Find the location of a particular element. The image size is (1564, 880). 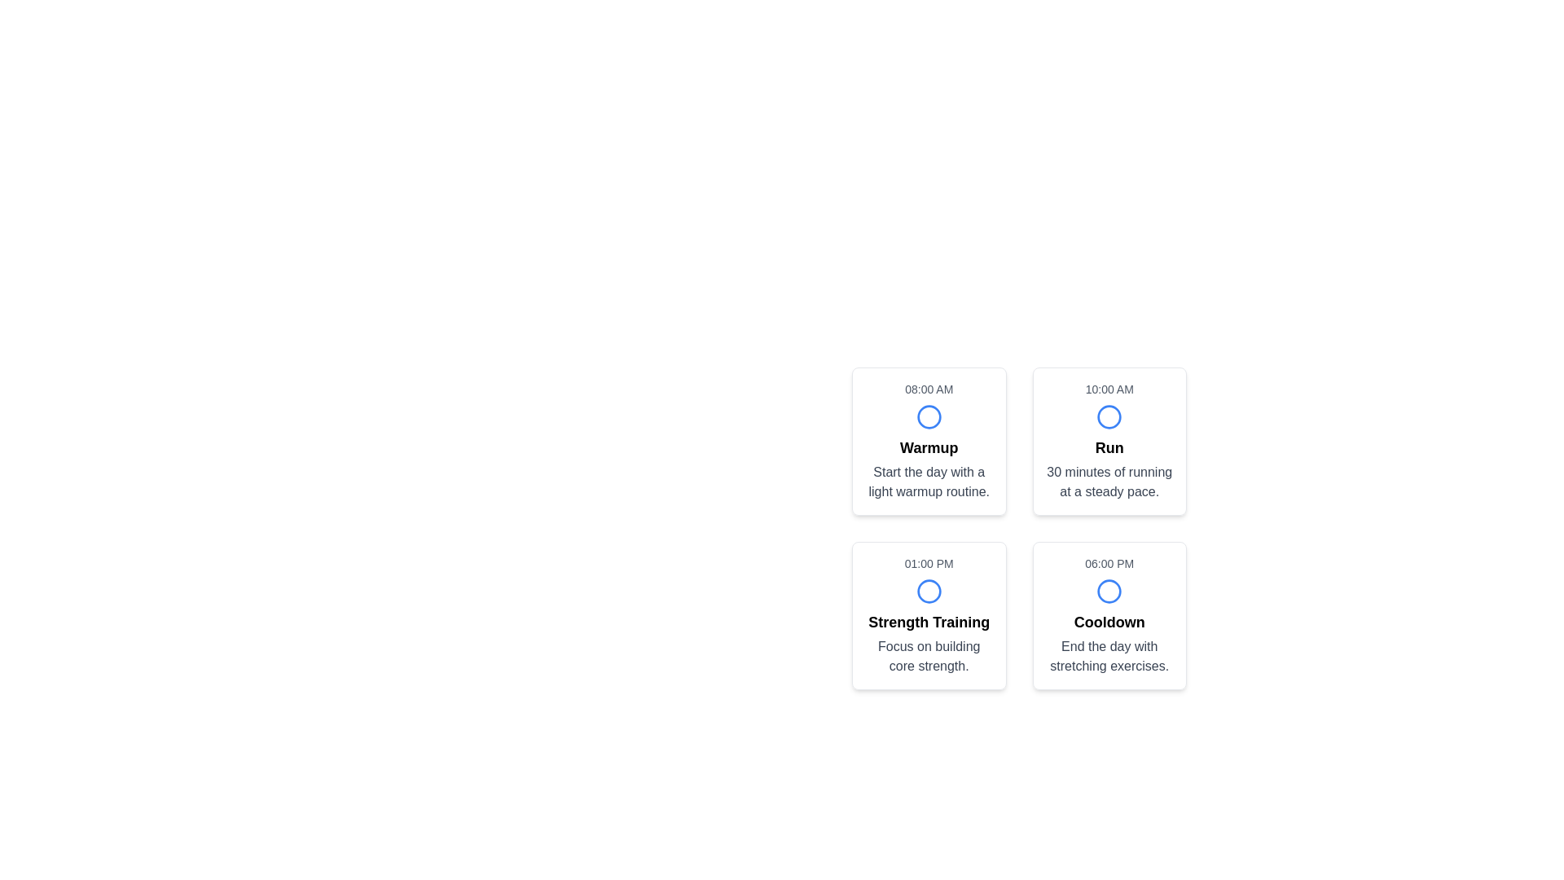

the decorative or status indicator icon associated with the 'Run' activity, which is the second icon in the top row of the grid layout, located above the title 'Run.' is located at coordinates (1109, 416).